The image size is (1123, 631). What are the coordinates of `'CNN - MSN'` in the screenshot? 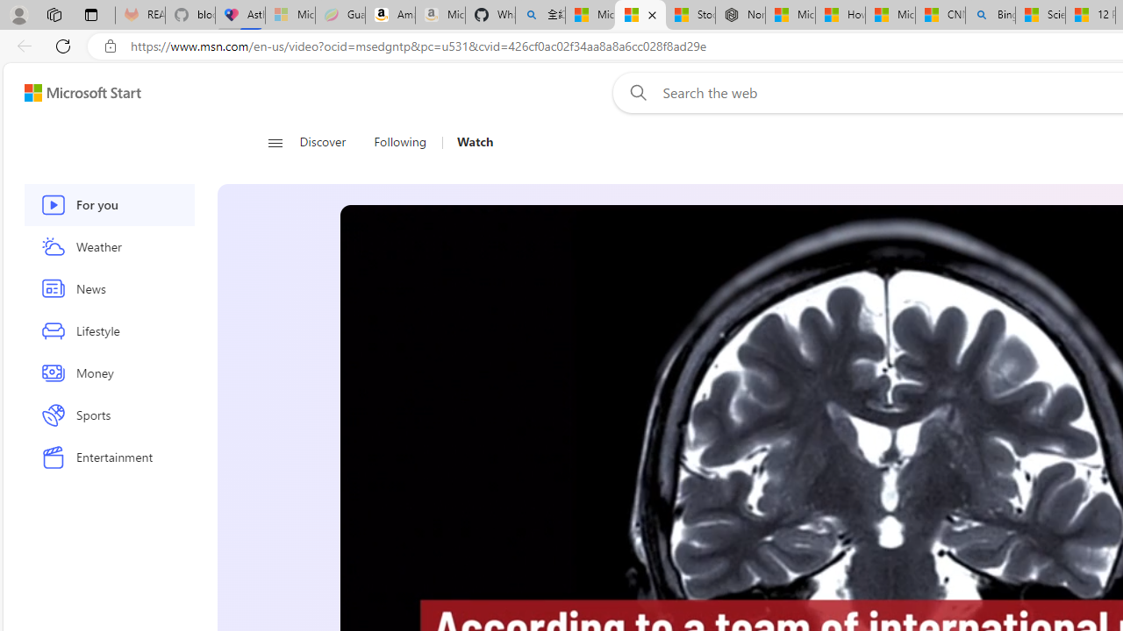 It's located at (940, 15).